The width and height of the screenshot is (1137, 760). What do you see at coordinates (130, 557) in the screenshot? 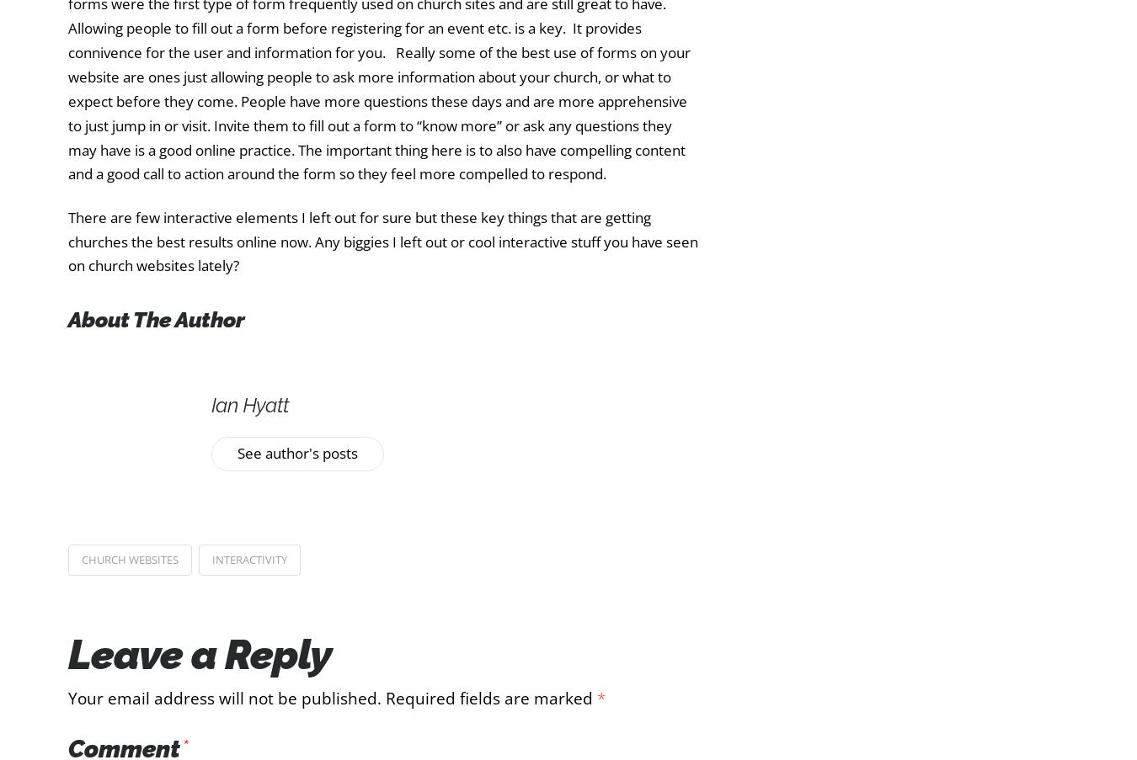
I see `'church websites'` at bounding box center [130, 557].